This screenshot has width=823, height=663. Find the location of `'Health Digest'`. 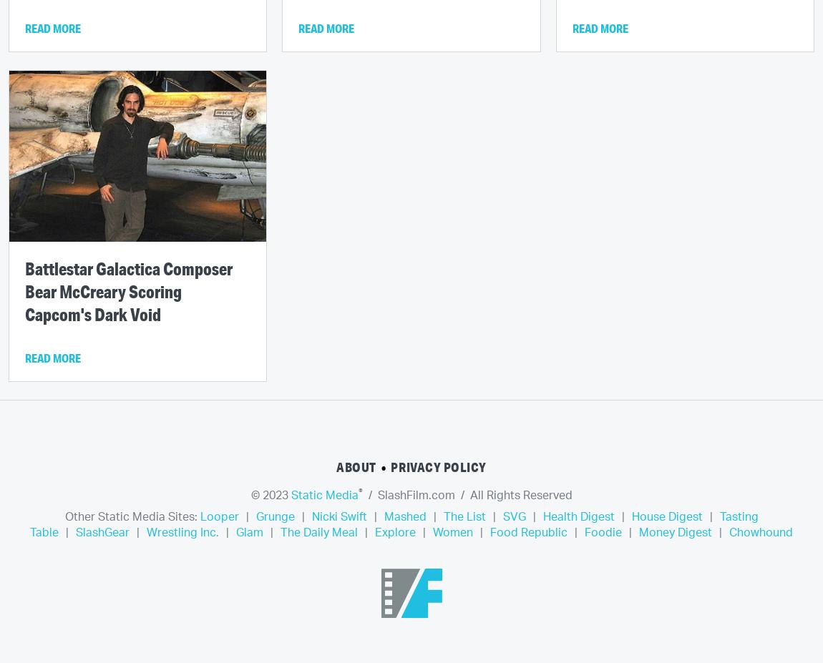

'Health Digest' is located at coordinates (577, 516).